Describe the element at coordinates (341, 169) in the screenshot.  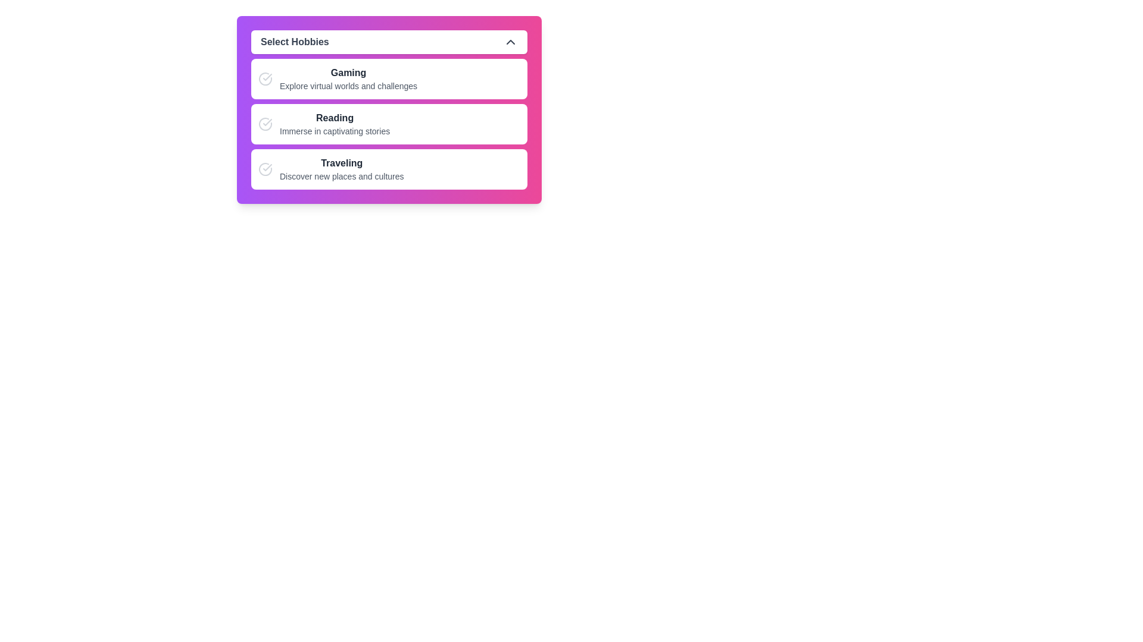
I see `the list item displaying 'Traveling'` at that location.